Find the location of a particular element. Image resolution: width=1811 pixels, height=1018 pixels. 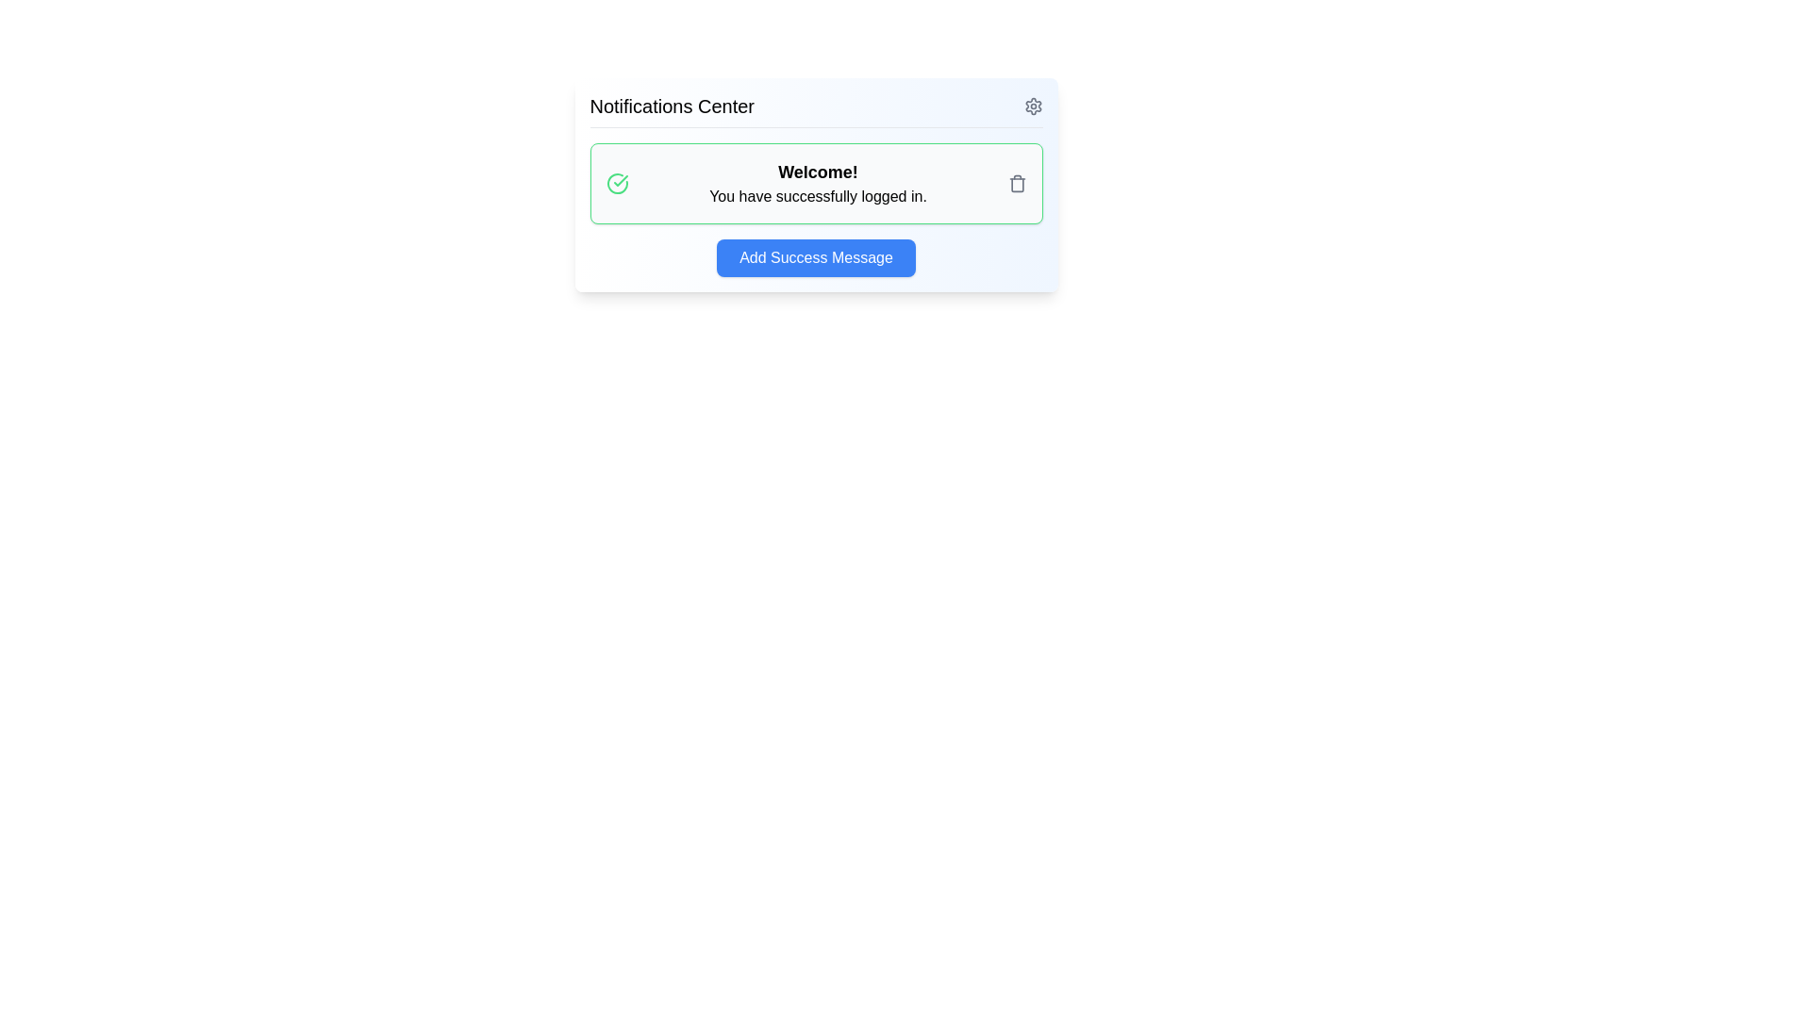

the gray trash icon located to the far right of the message 'Welcome! You have successfully logged in.' within the notification box is located at coordinates (1016, 184).